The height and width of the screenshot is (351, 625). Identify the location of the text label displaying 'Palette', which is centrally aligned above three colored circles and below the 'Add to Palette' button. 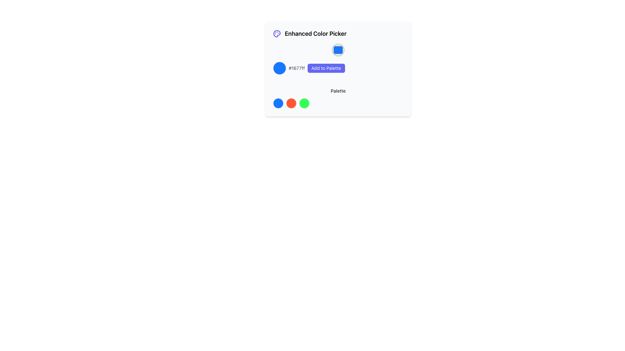
(338, 91).